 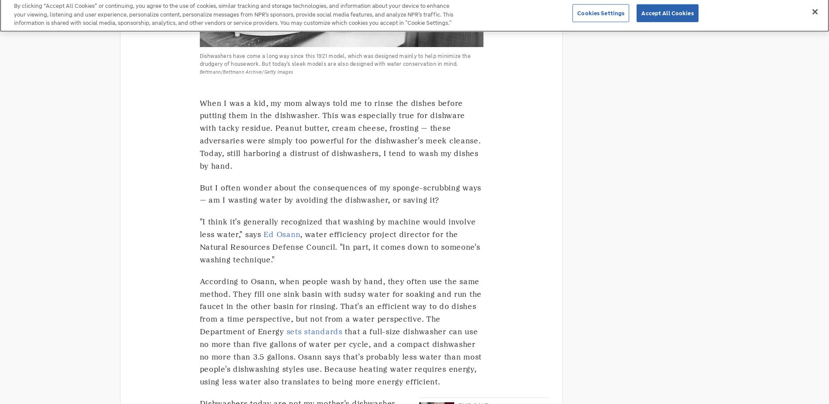 I want to click on 'But I often wonder about the consequences of my sponge-scrubbing ways — am I wasting water by avoiding the dishwasher, or saving it?', so click(x=339, y=193).